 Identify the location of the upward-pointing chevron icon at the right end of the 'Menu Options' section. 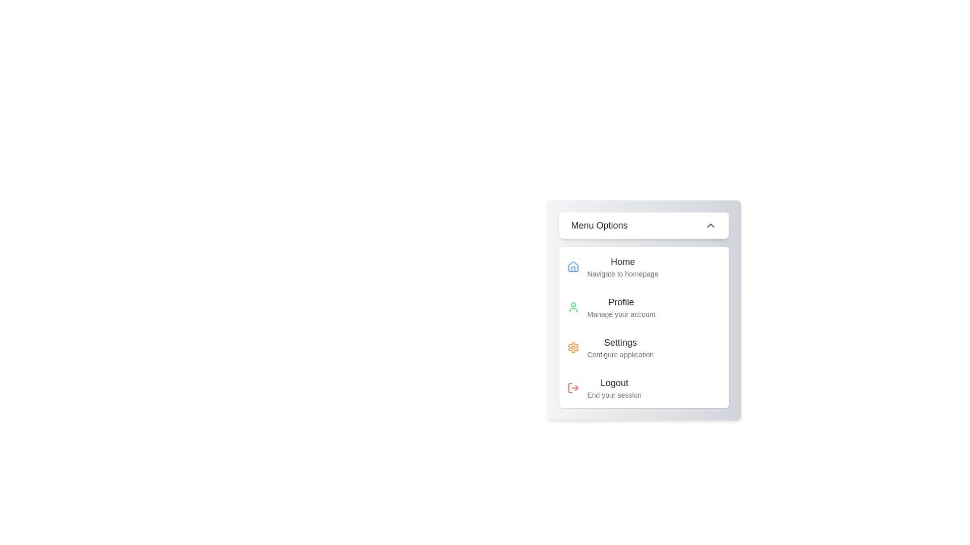
(710, 225).